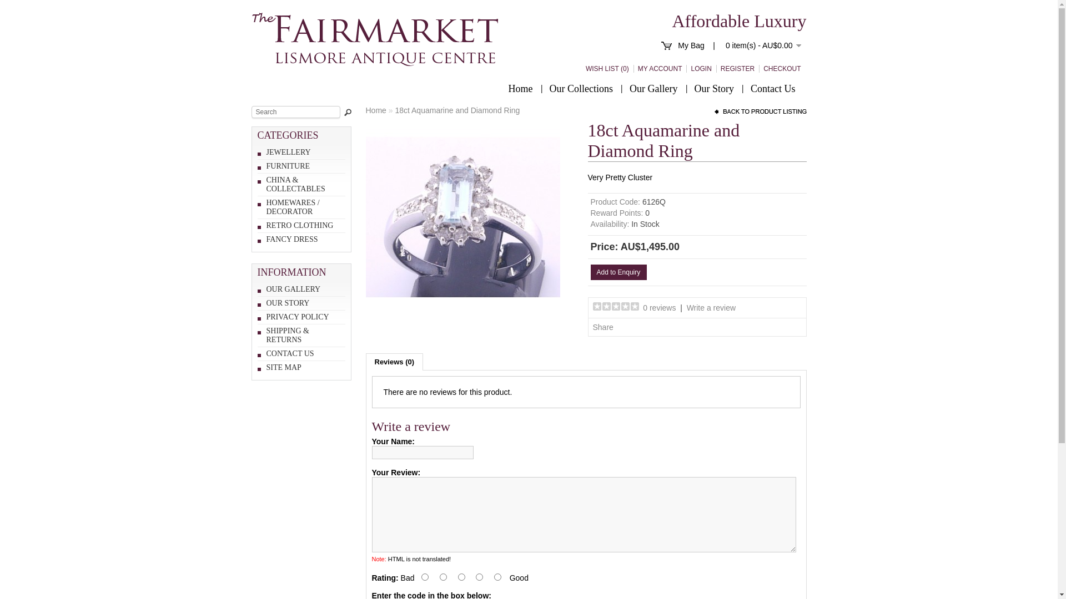  I want to click on 'MY ACCOUNT', so click(658, 68).